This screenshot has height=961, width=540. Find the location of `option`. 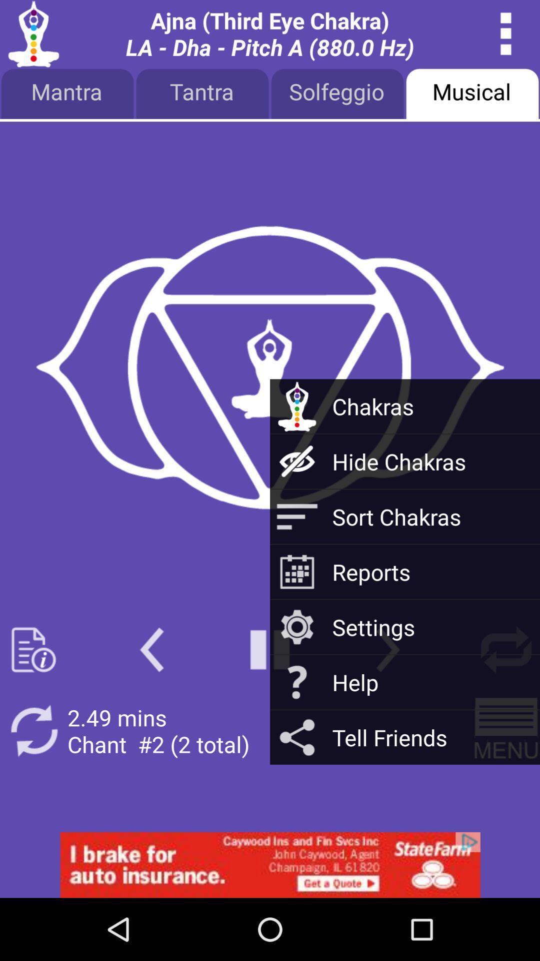

option is located at coordinates (270, 650).